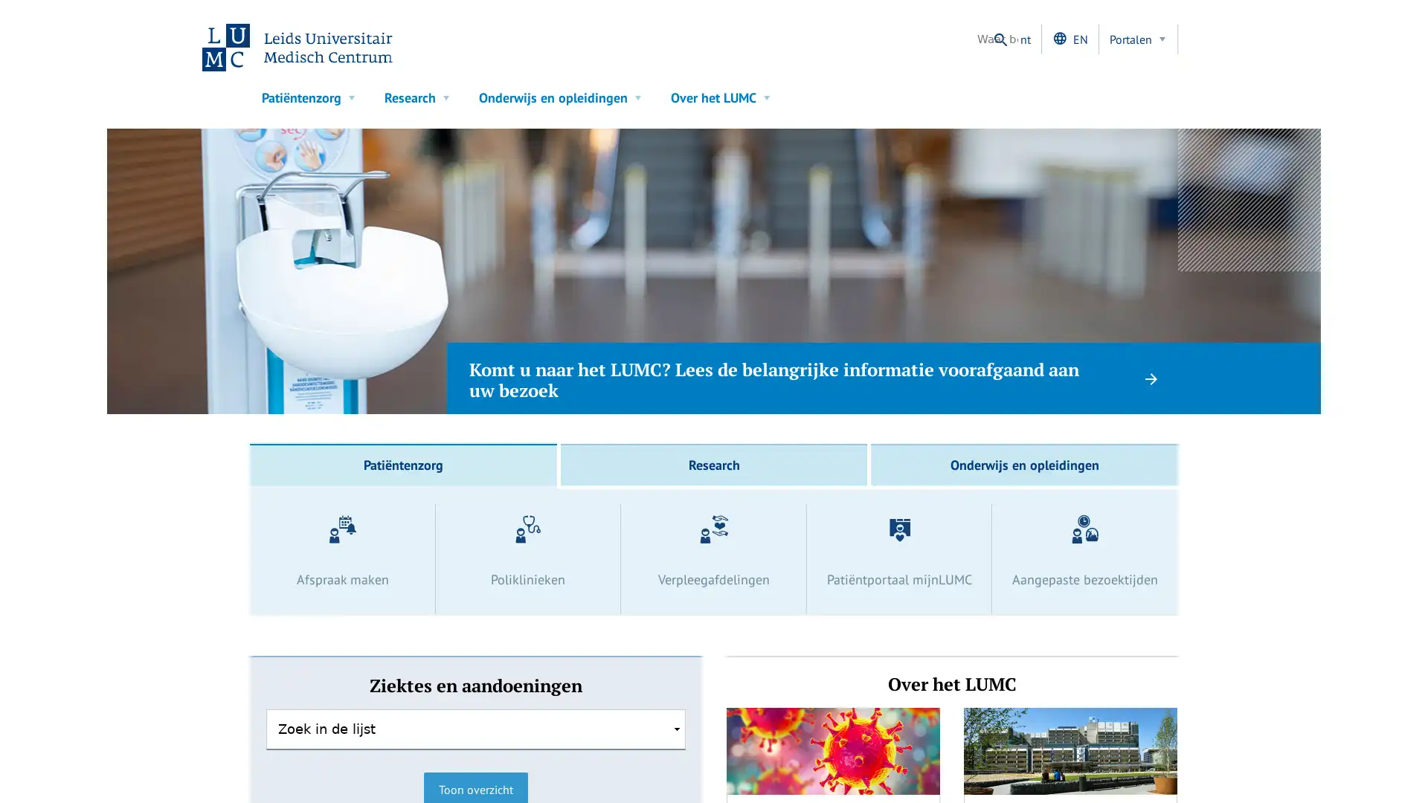  Describe the element at coordinates (1138, 39) in the screenshot. I see `Portalen` at that location.